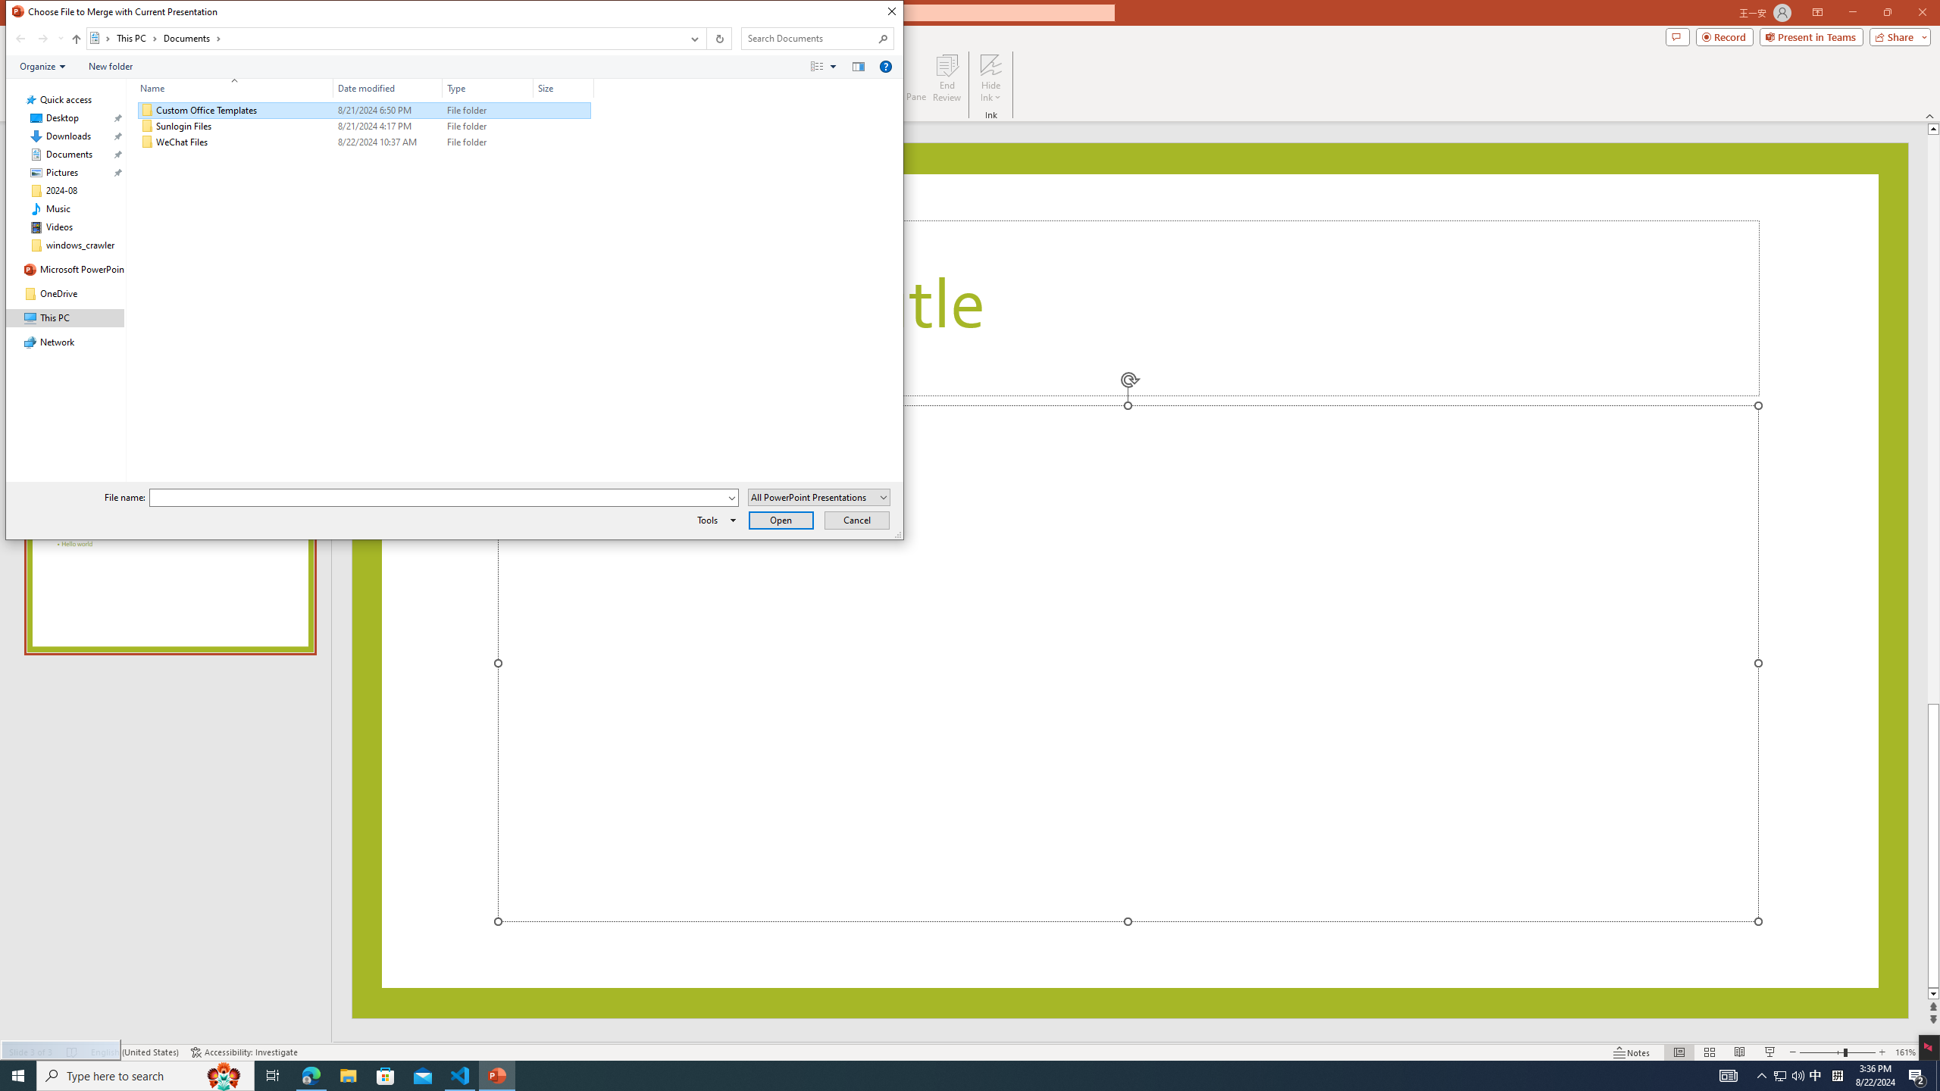 Image resolution: width=1940 pixels, height=1091 pixels. I want to click on 'Documents', so click(192, 37).